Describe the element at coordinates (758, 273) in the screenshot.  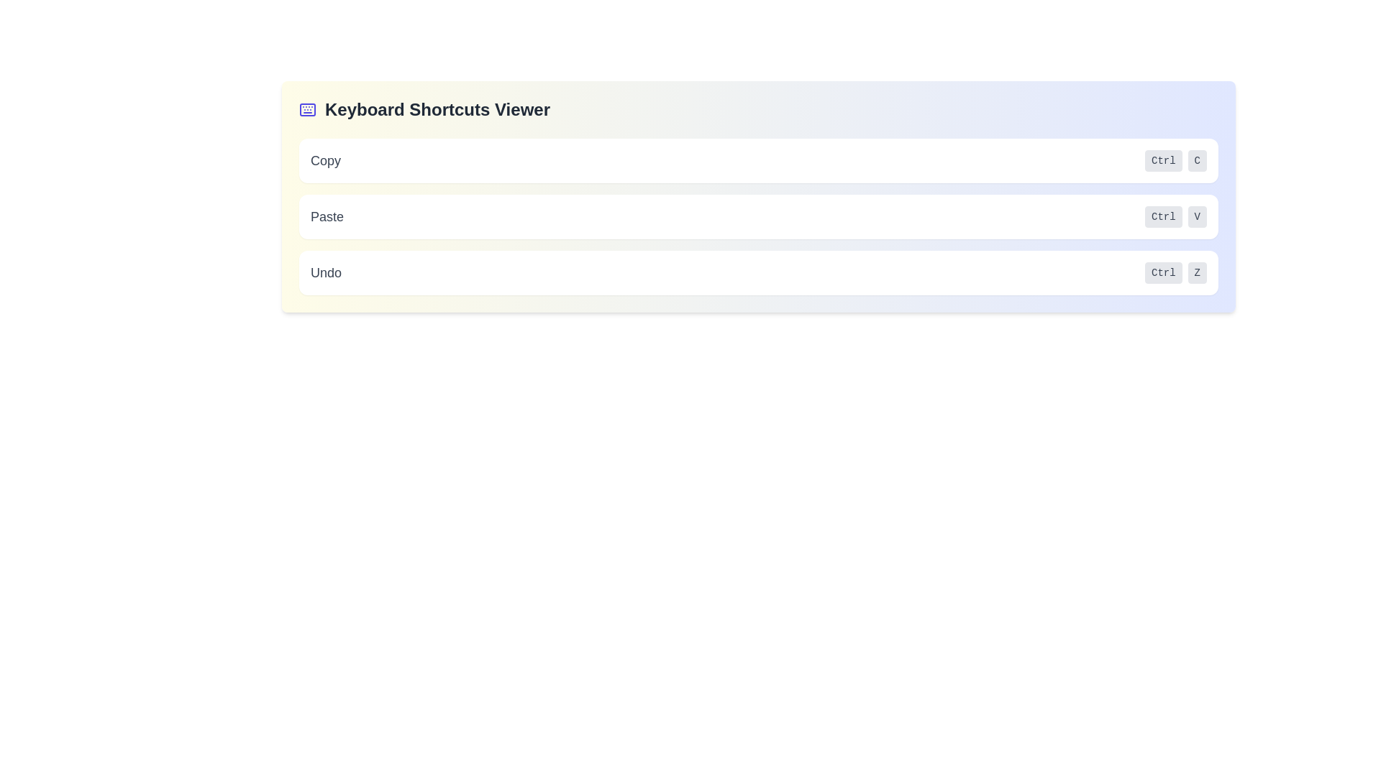
I see `displayed information in the third informational block that describes the 'Undo' functionality and its keyboard shortcut 'Ctrl Z'` at that location.